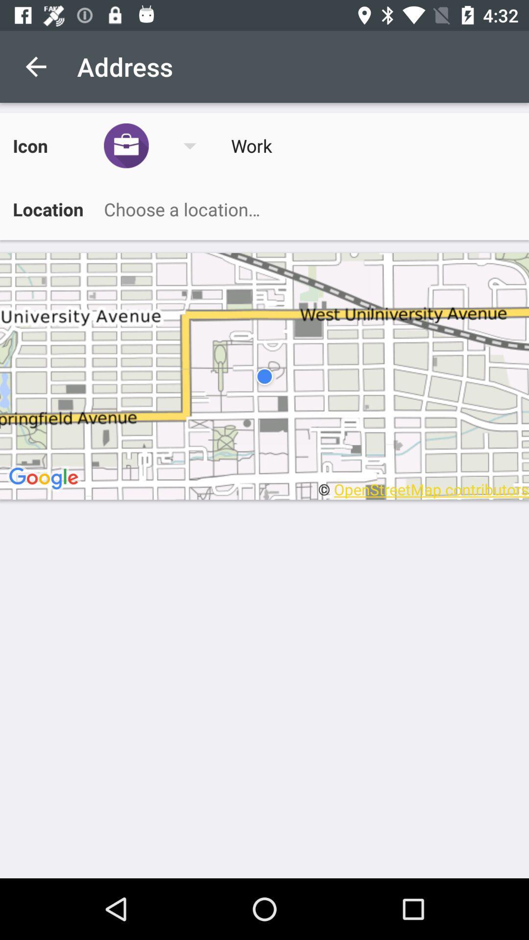  I want to click on search, so click(304, 209).